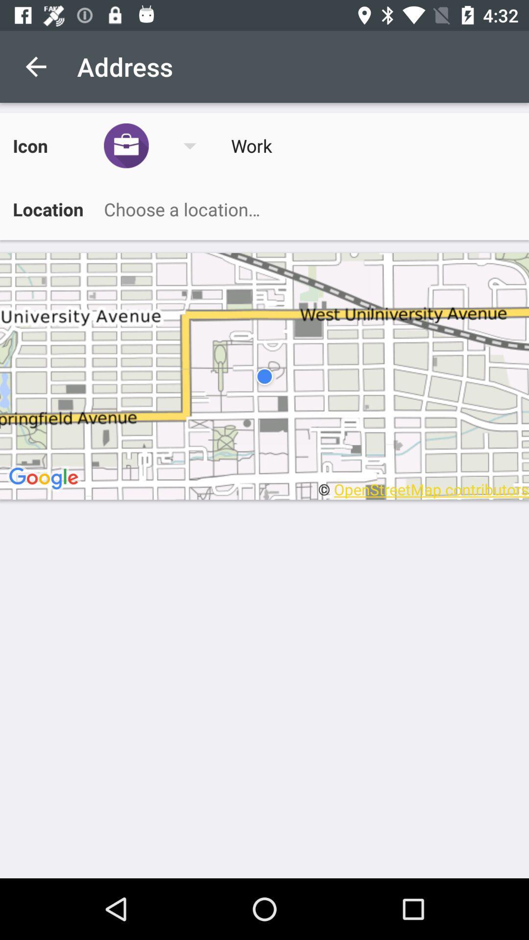  I want to click on search, so click(304, 209).